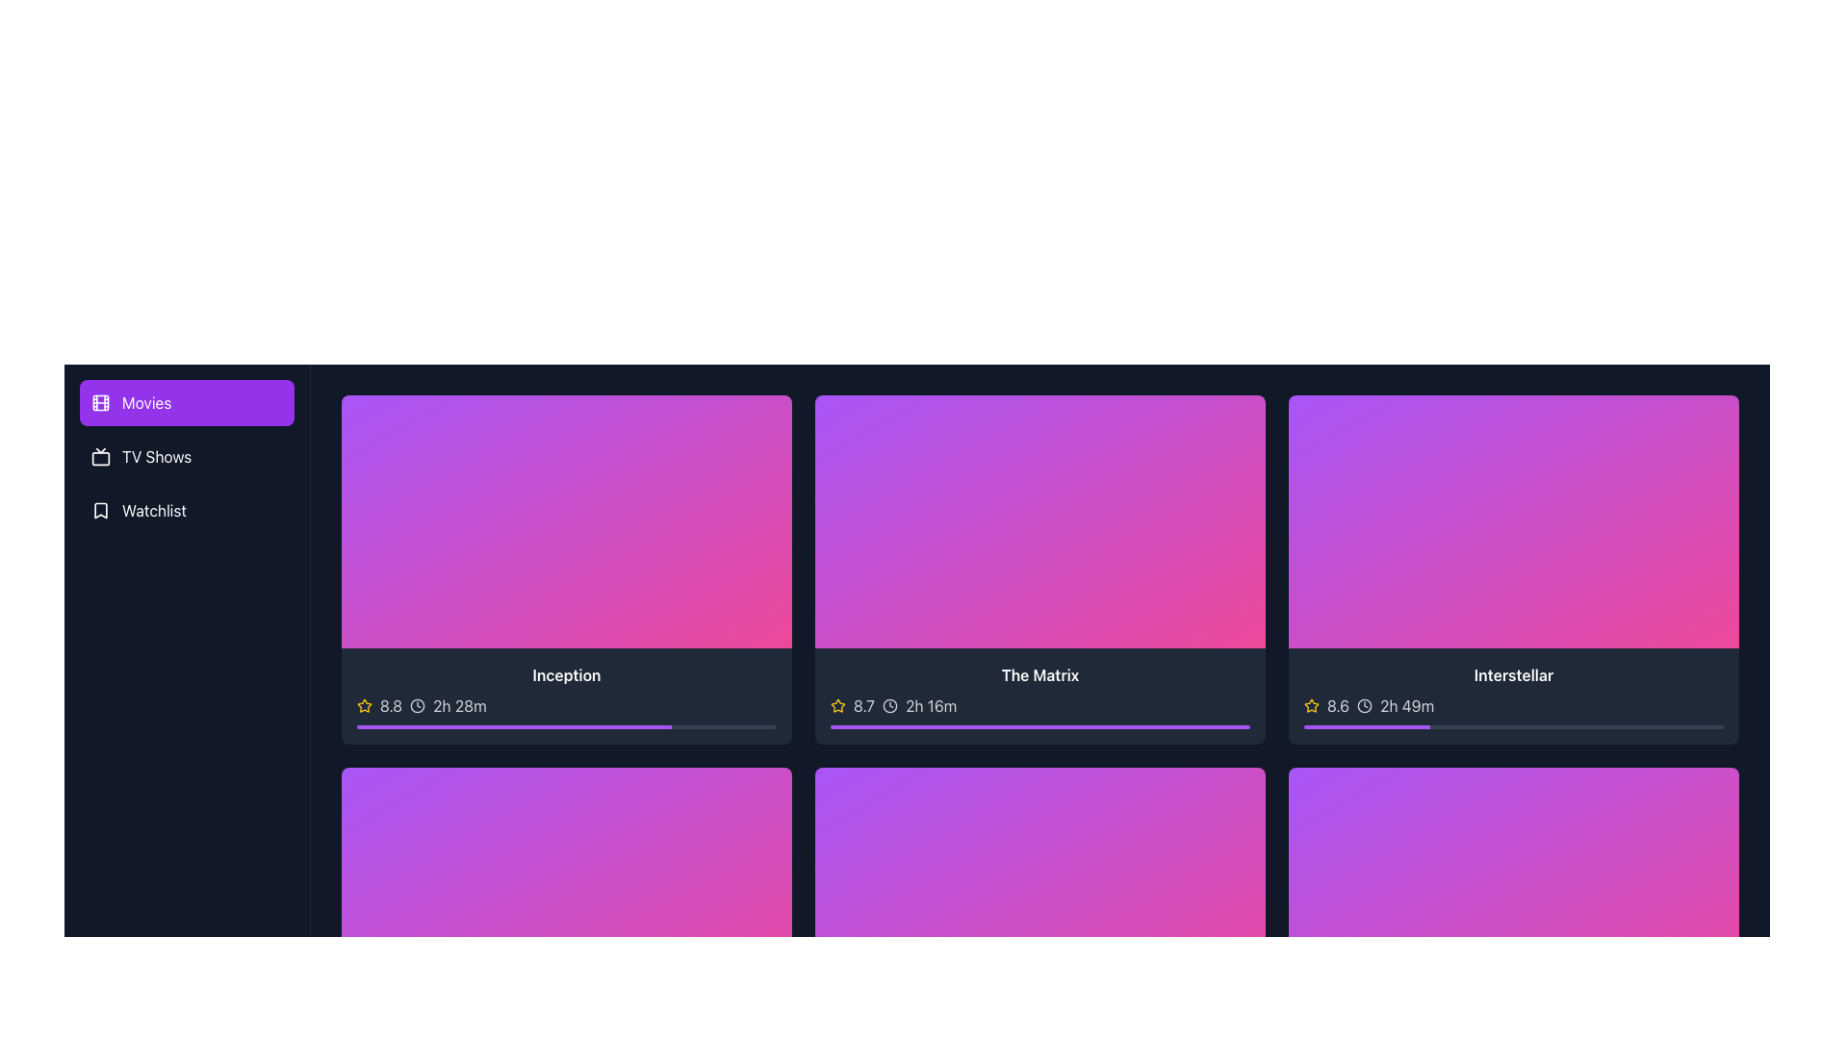  What do you see at coordinates (1364, 706) in the screenshot?
I see `the circular part of the clock icon` at bounding box center [1364, 706].